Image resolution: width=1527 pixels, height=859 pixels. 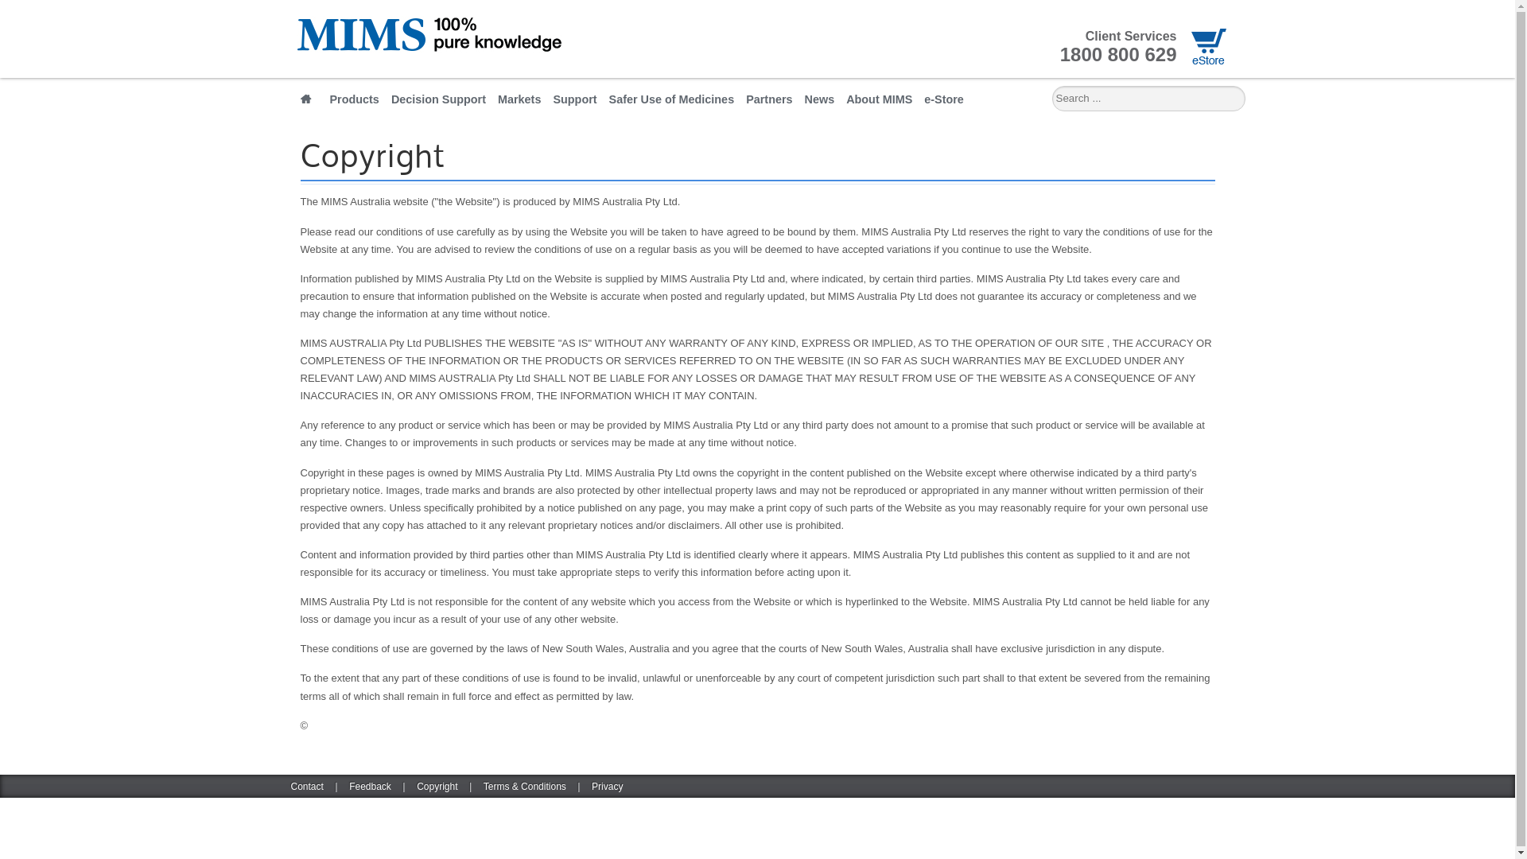 What do you see at coordinates (307, 785) in the screenshot?
I see `'Contact'` at bounding box center [307, 785].